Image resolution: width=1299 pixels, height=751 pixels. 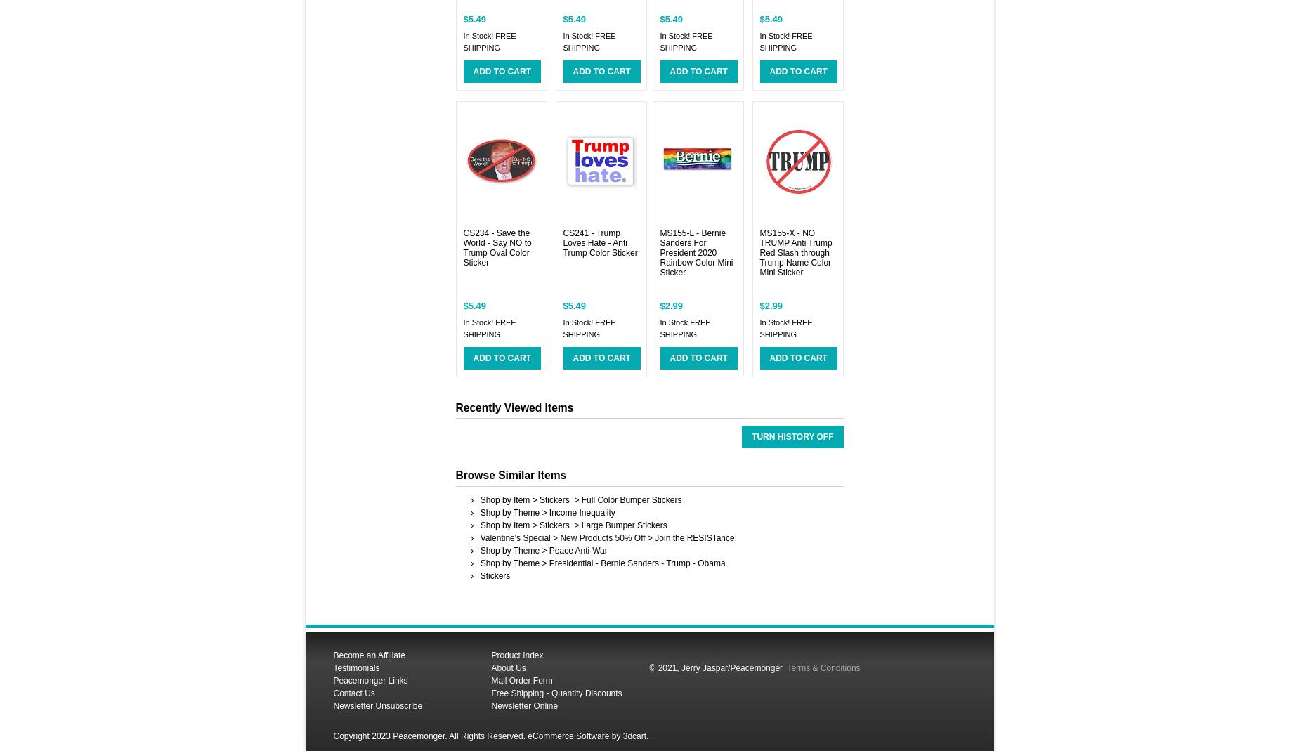 What do you see at coordinates (758, 667) in the screenshot?
I see `'Peacemonger'` at bounding box center [758, 667].